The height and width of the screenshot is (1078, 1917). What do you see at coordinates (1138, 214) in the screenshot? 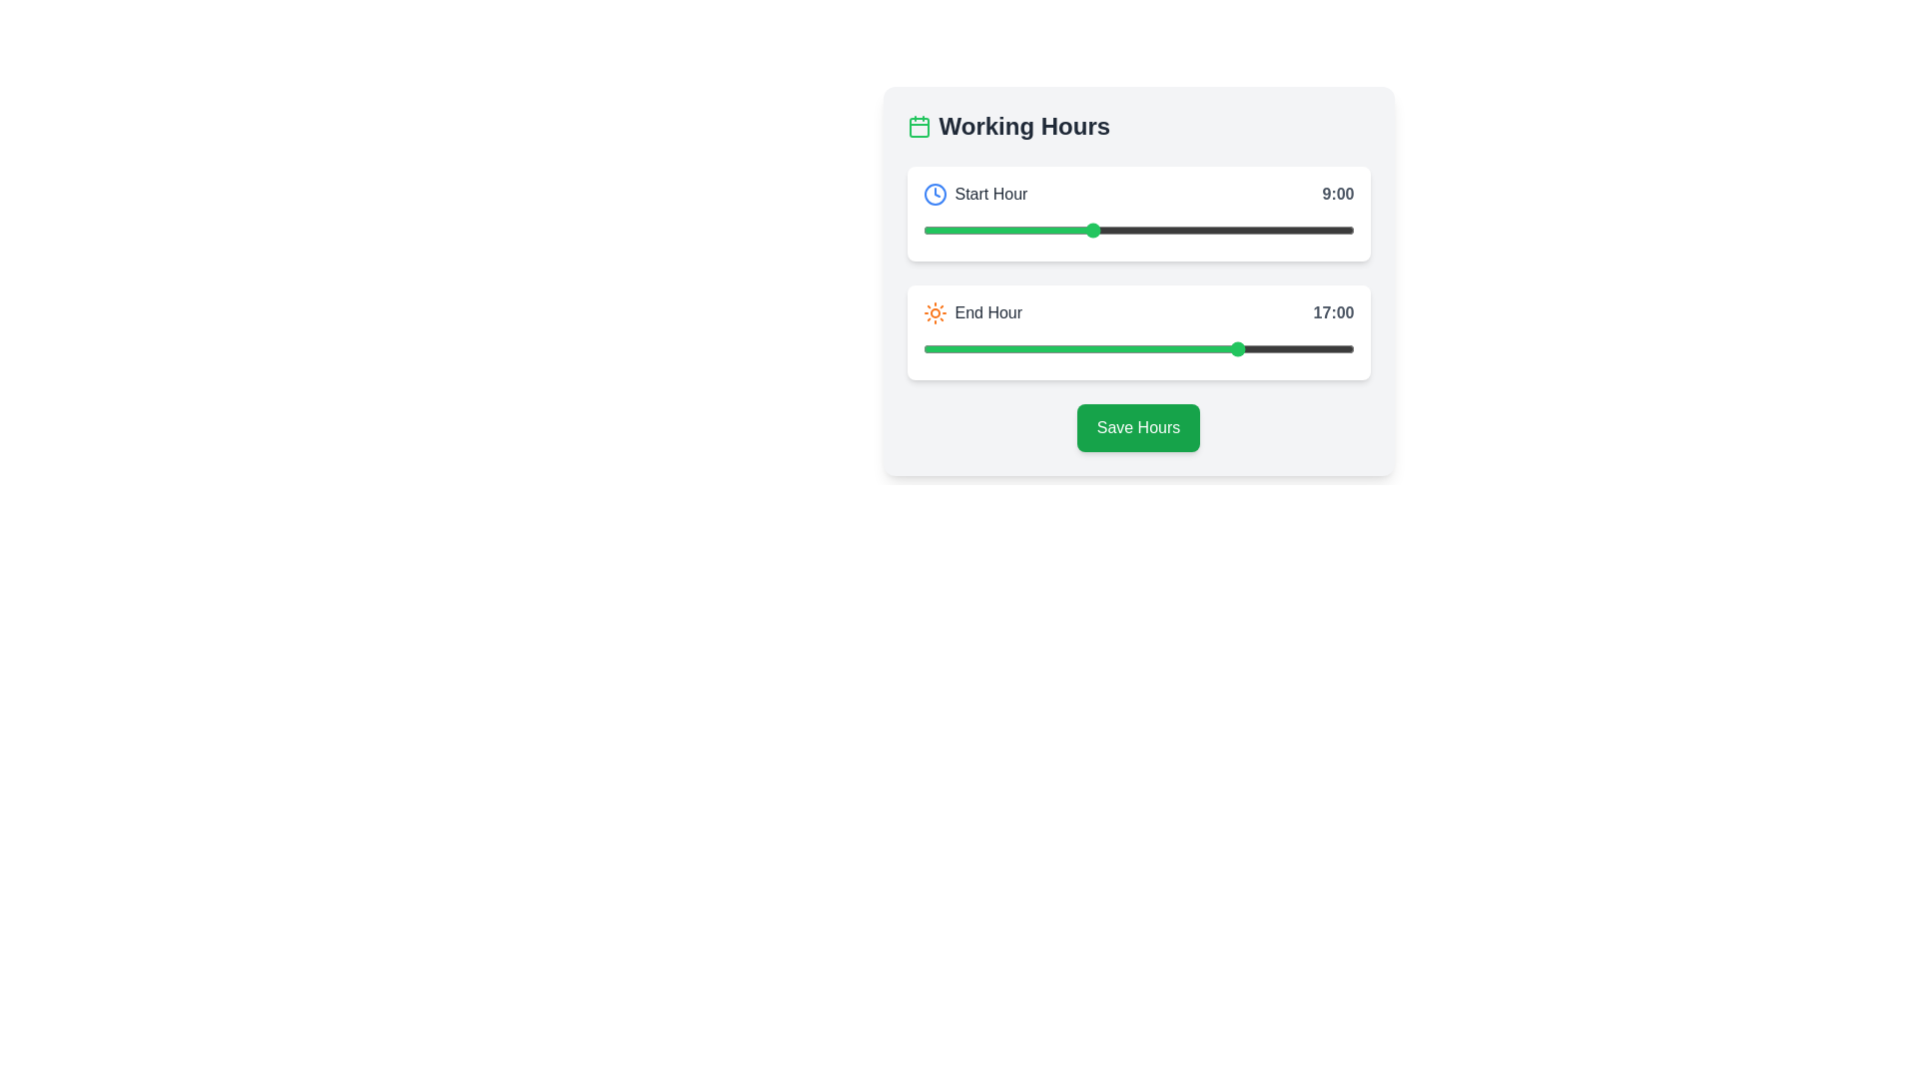
I see `displayed time from the Interactive time slider which shows 'Start Hour' with the label '9:00'` at bounding box center [1138, 214].